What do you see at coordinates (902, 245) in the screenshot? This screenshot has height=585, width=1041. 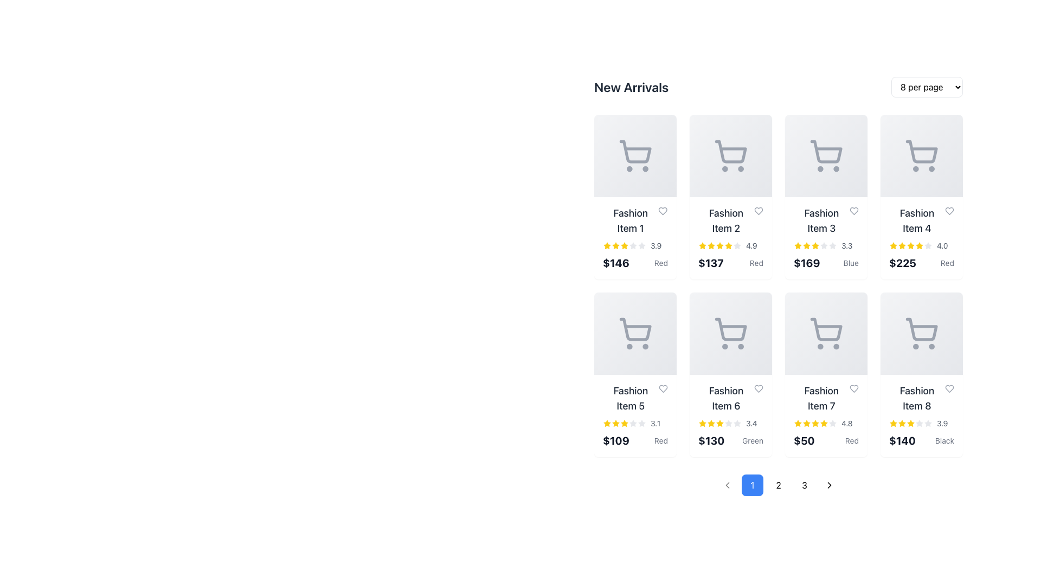 I see `the fourth star icon in the star rating component for the item labeled 'Fashion Item 4' to receive feedback` at bounding box center [902, 245].